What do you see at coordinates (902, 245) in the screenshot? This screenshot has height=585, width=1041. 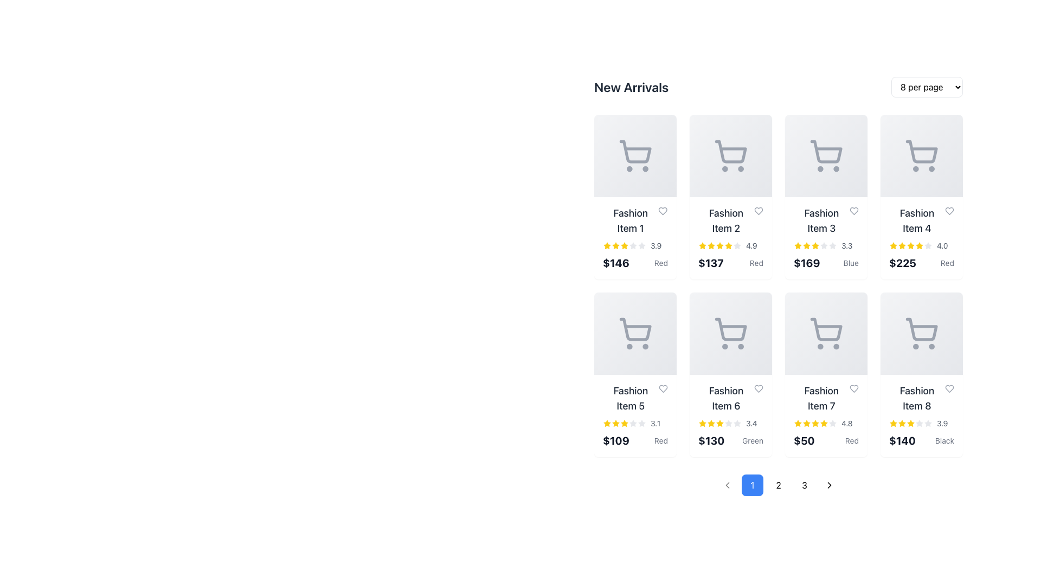 I see `the fourth star icon in the star rating component for the item labeled 'Fashion Item 4' to receive feedback` at bounding box center [902, 245].